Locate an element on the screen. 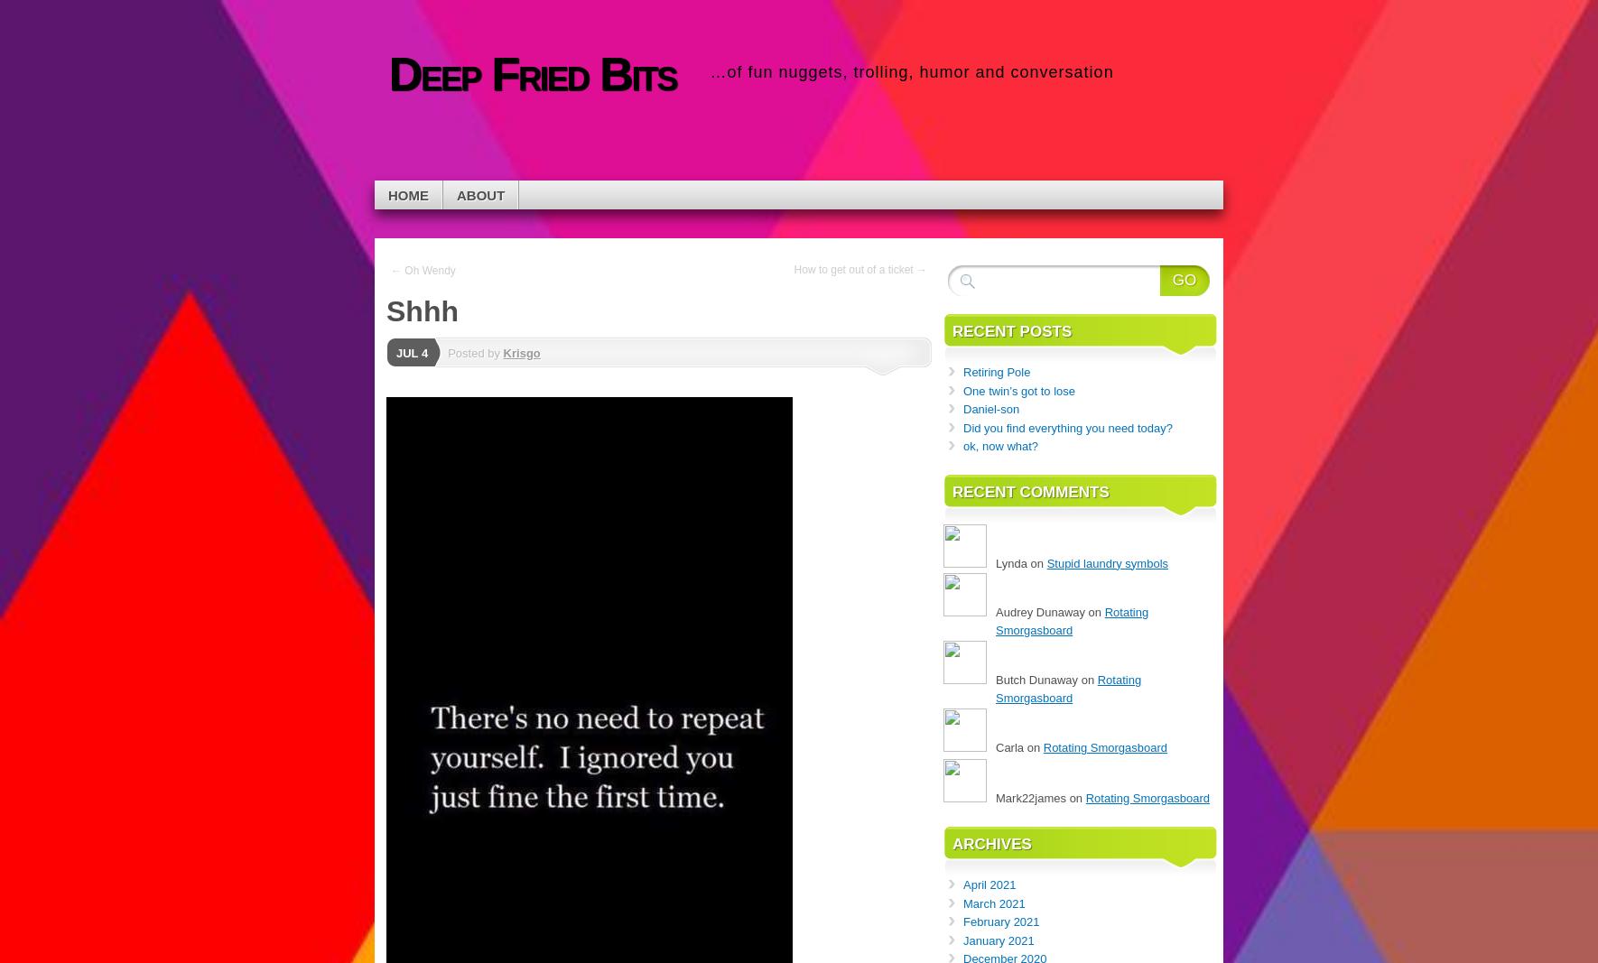  'Krisgo' is located at coordinates (521, 351).